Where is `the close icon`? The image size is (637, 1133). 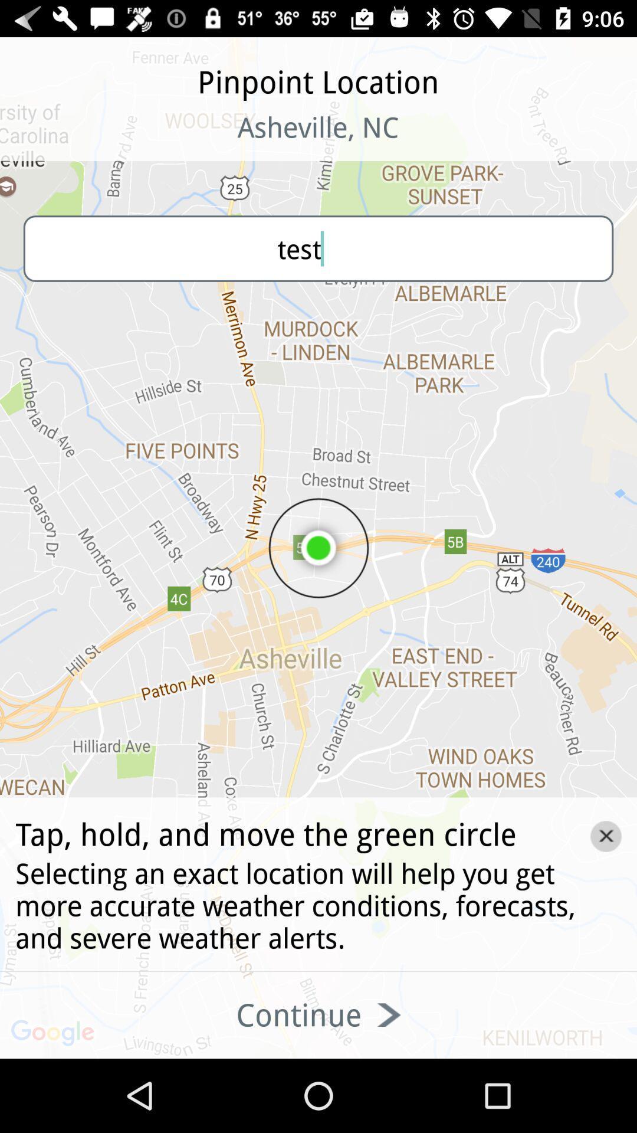 the close icon is located at coordinates (606, 836).